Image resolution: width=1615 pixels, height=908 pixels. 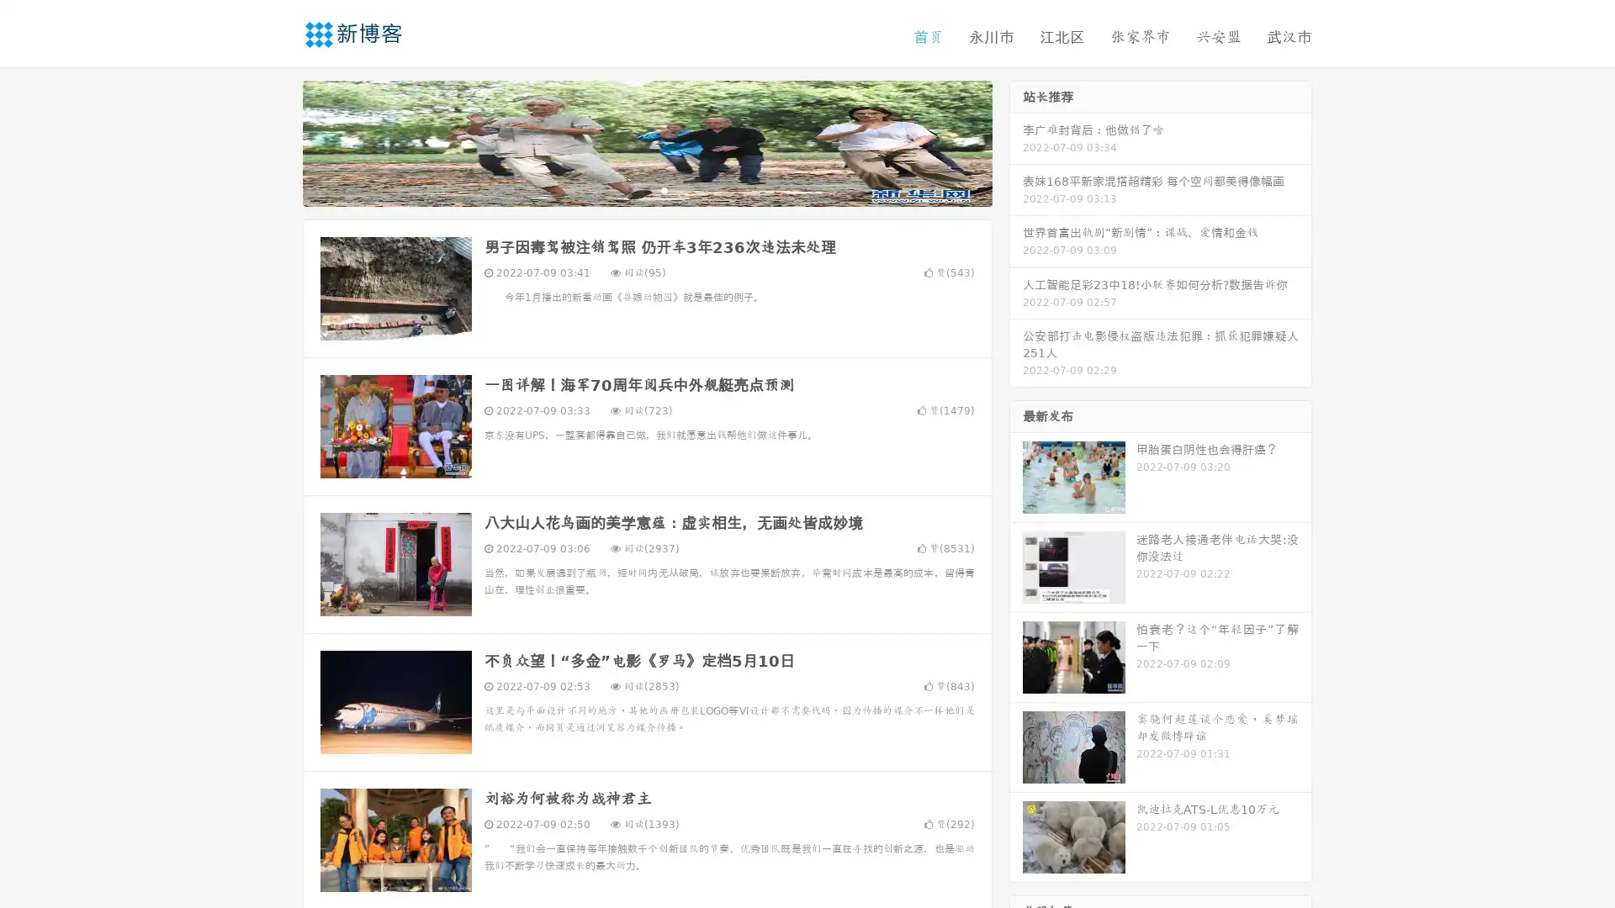 I want to click on Next slide, so click(x=1016, y=141).